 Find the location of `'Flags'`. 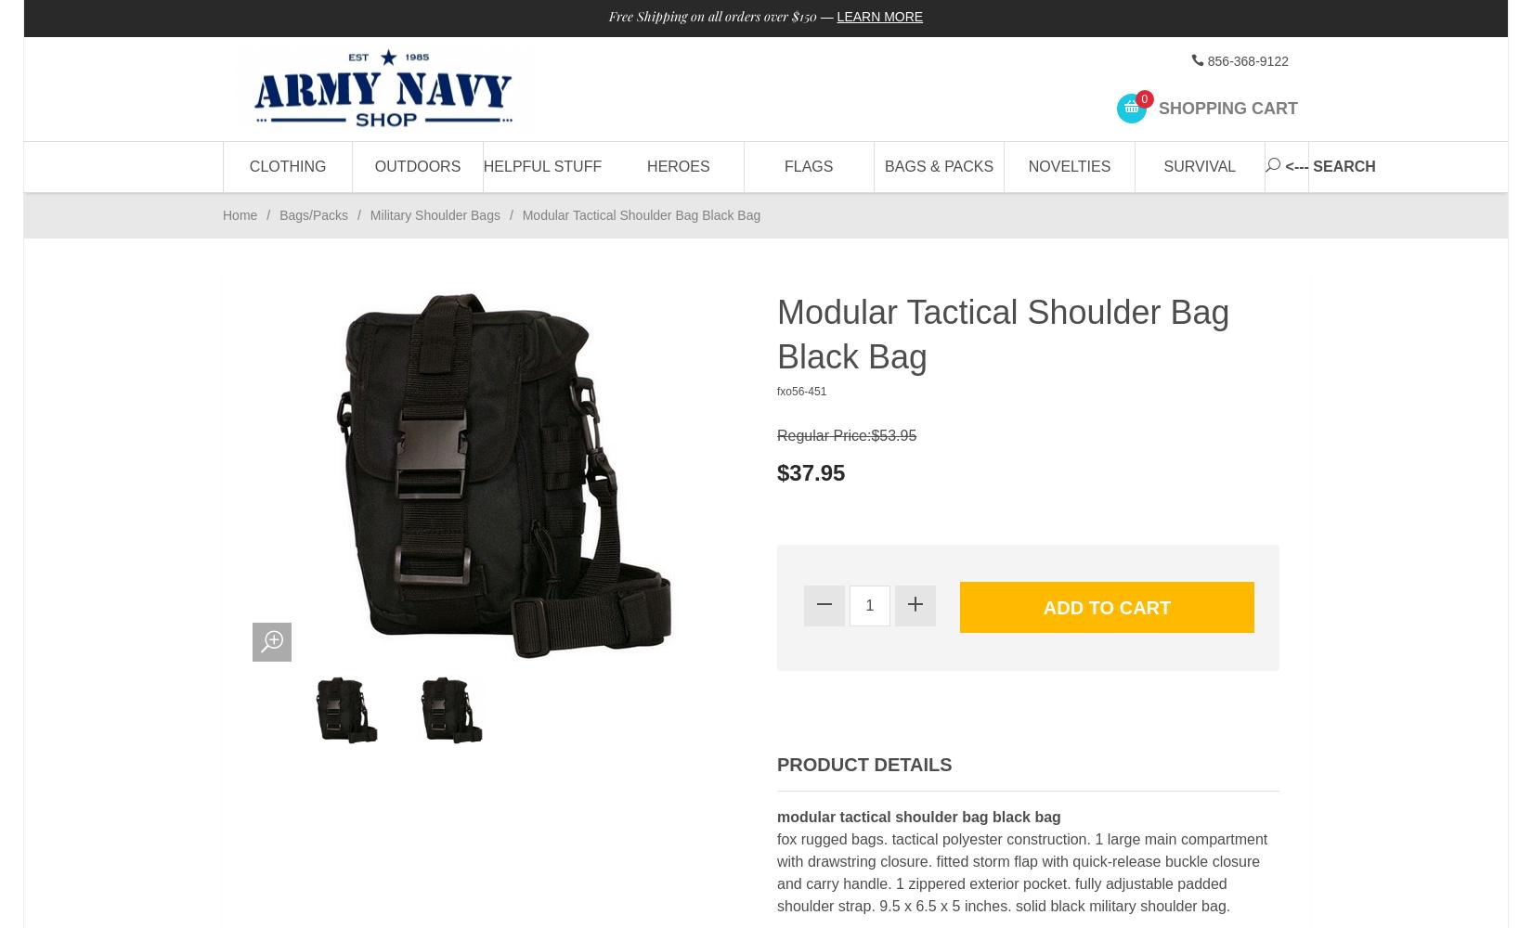

'Flags' is located at coordinates (809, 166).